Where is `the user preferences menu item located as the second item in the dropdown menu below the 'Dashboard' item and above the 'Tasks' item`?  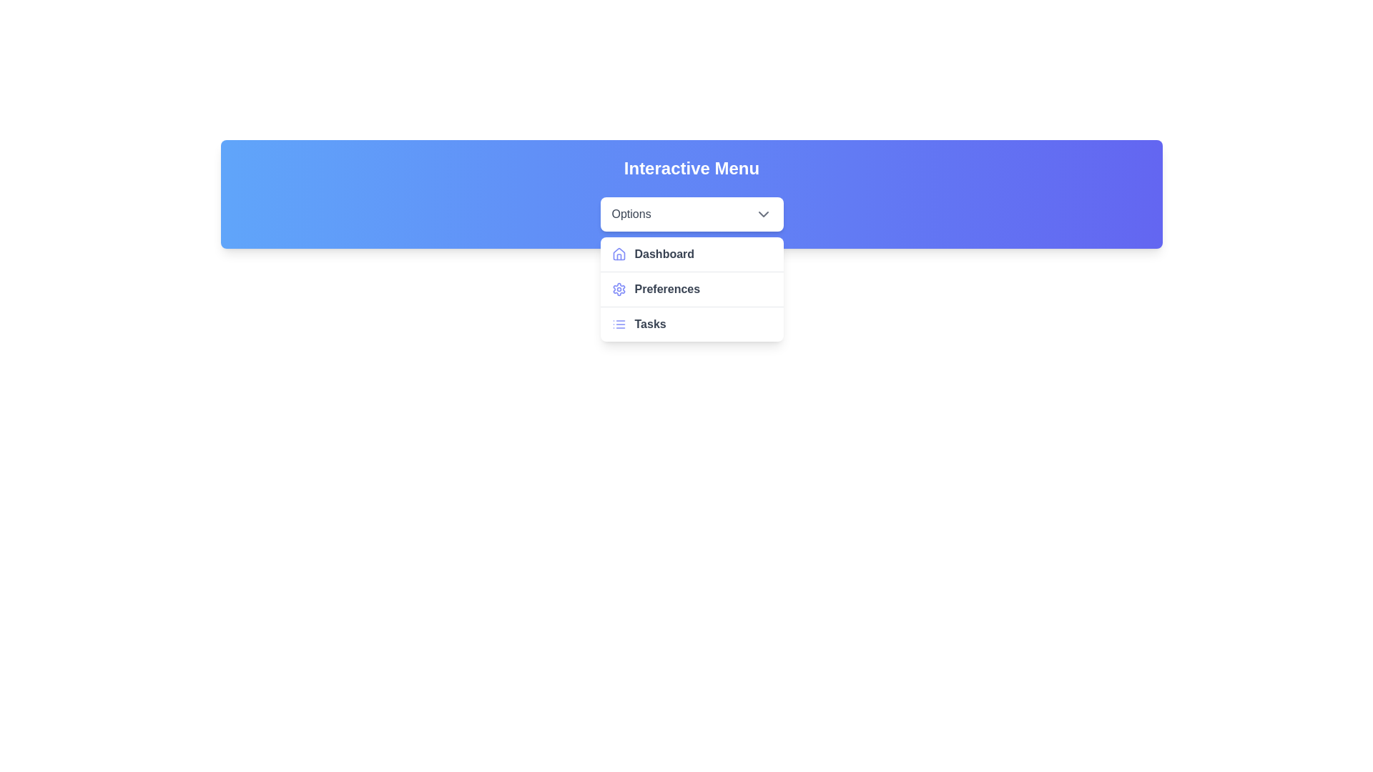 the user preferences menu item located as the second item in the dropdown menu below the 'Dashboard' item and above the 'Tasks' item is located at coordinates (692, 289).